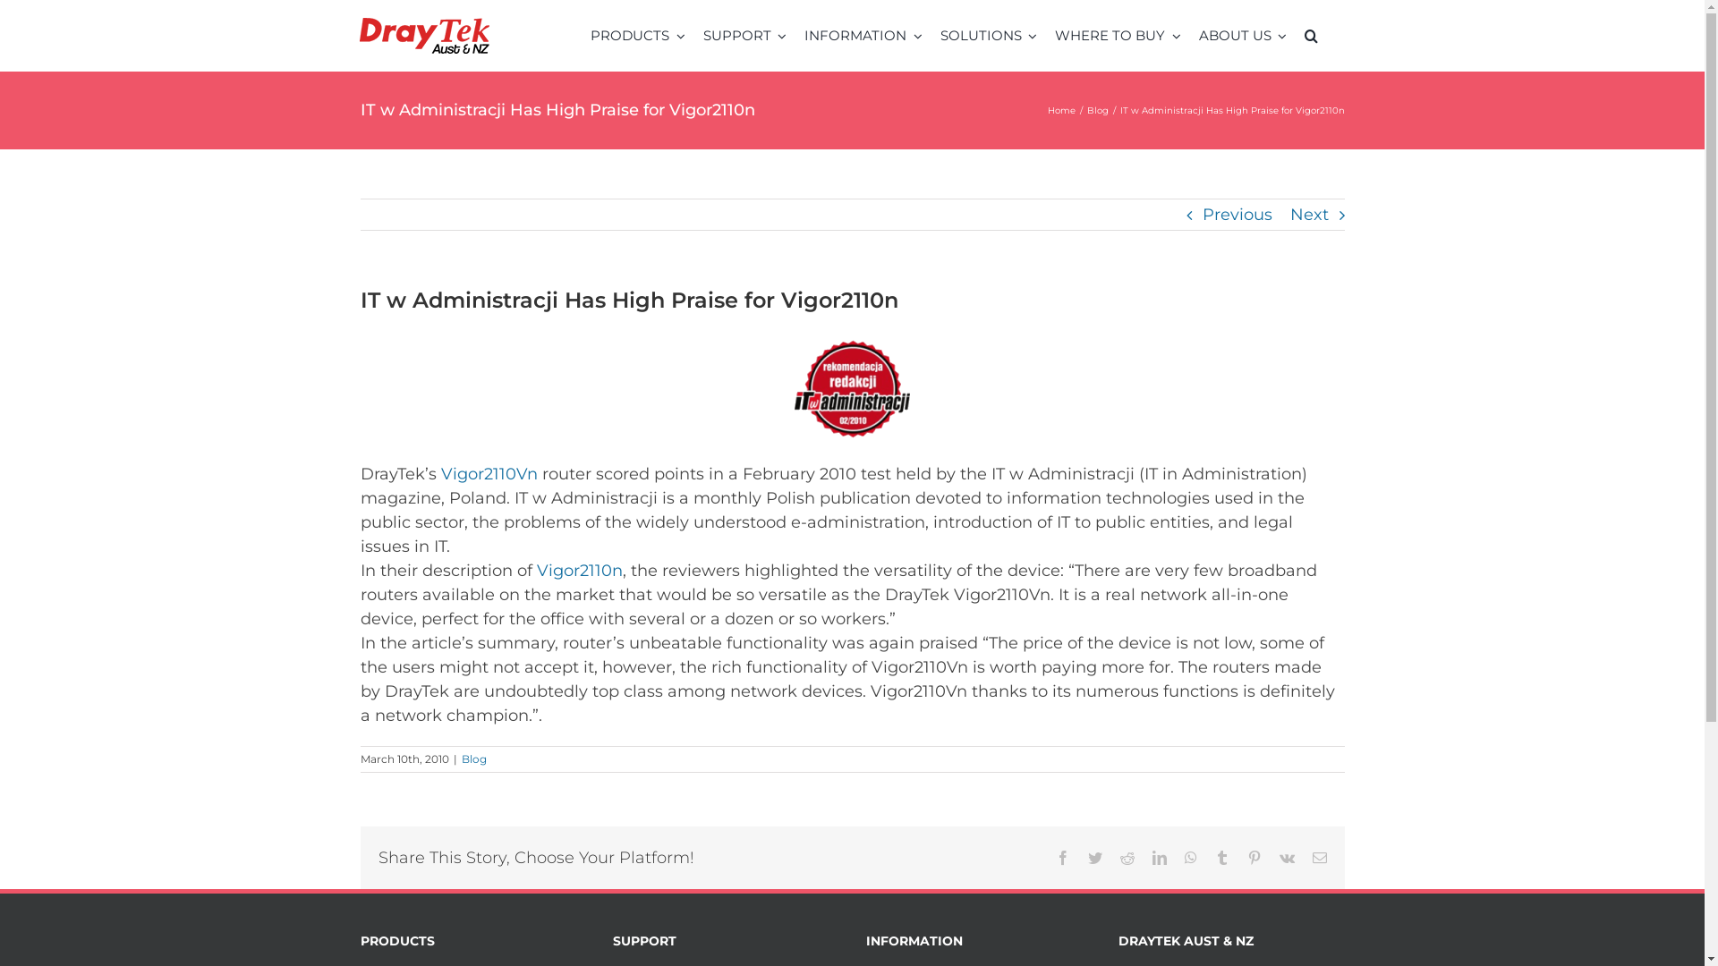 Image resolution: width=1718 pixels, height=966 pixels. What do you see at coordinates (1286, 857) in the screenshot?
I see `'Vk'` at bounding box center [1286, 857].